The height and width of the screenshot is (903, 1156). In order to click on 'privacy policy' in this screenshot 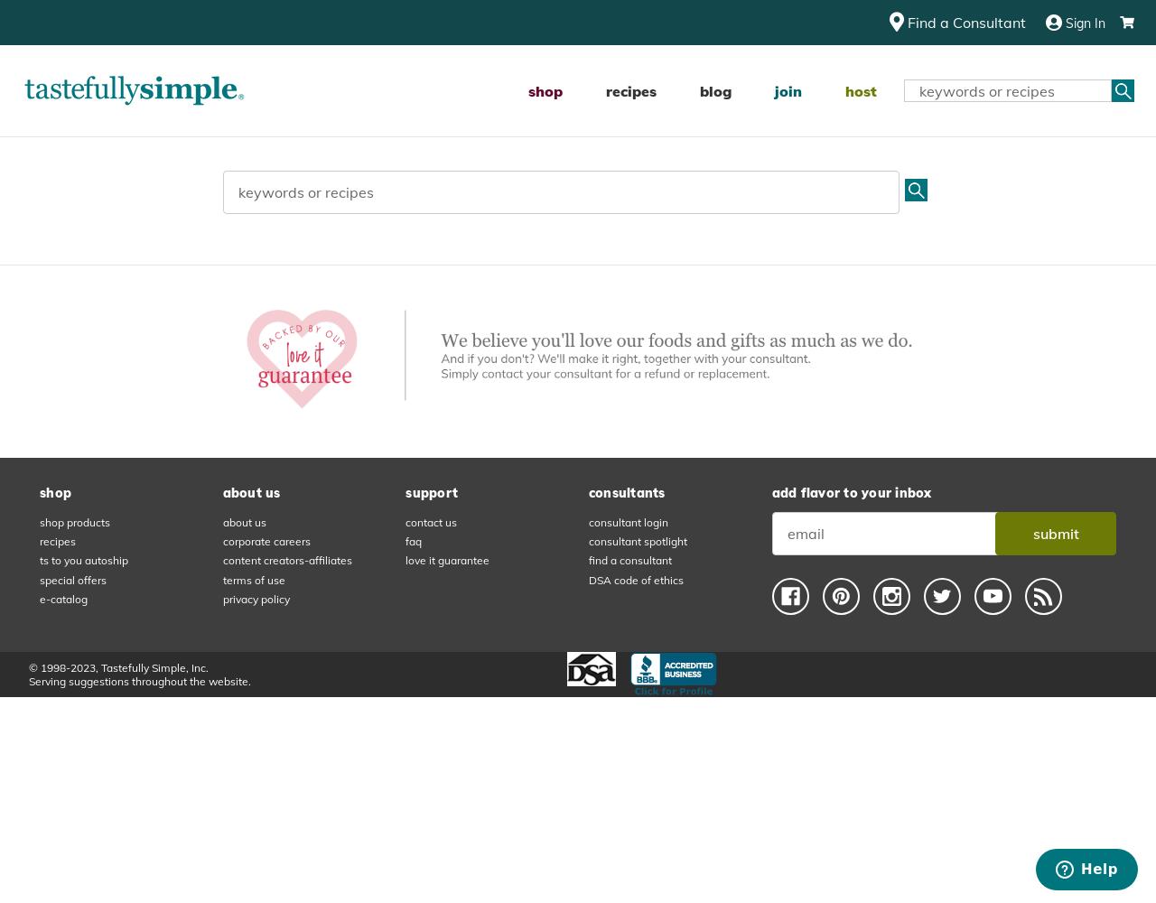, I will do `click(255, 599)`.